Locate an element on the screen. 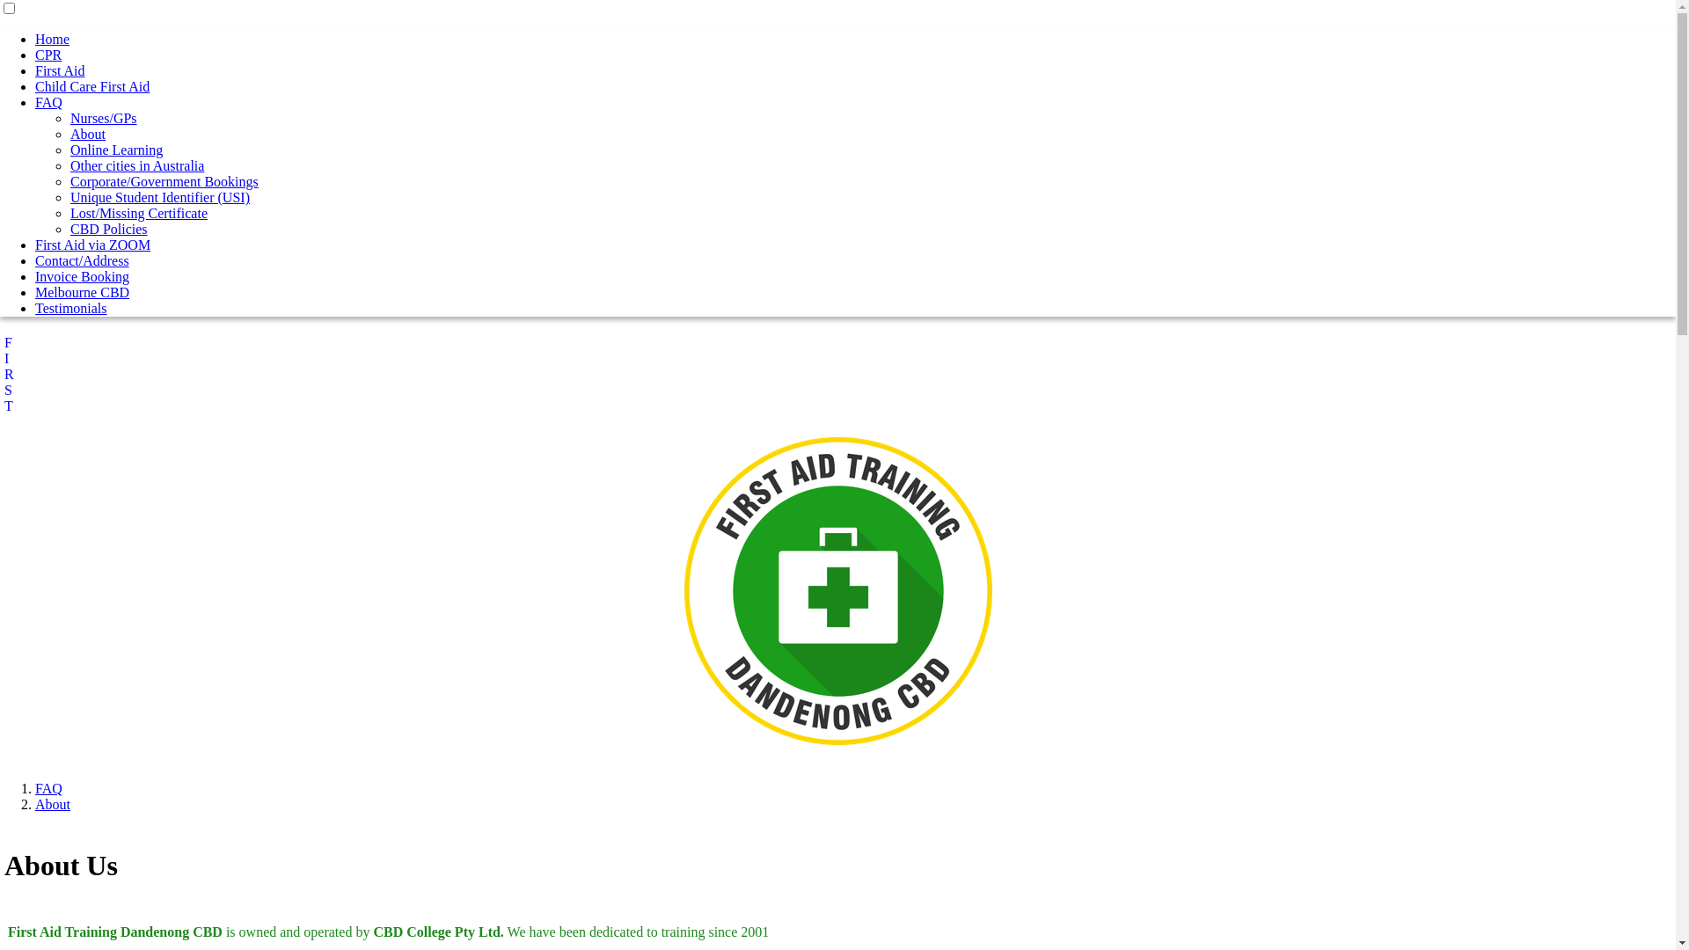 Image resolution: width=1689 pixels, height=950 pixels. 'Other cities in Australia' is located at coordinates (136, 165).